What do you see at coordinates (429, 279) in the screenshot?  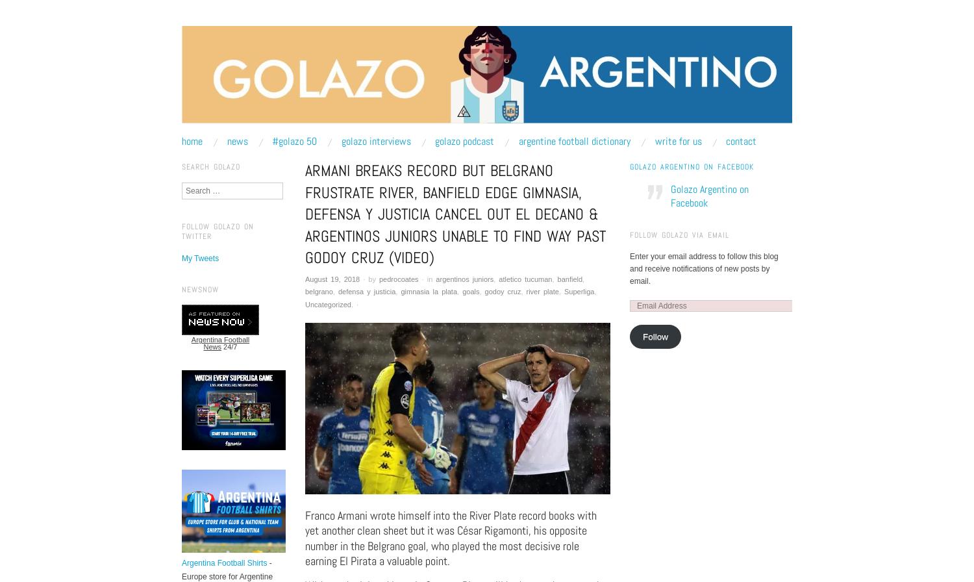 I see `'in'` at bounding box center [429, 279].